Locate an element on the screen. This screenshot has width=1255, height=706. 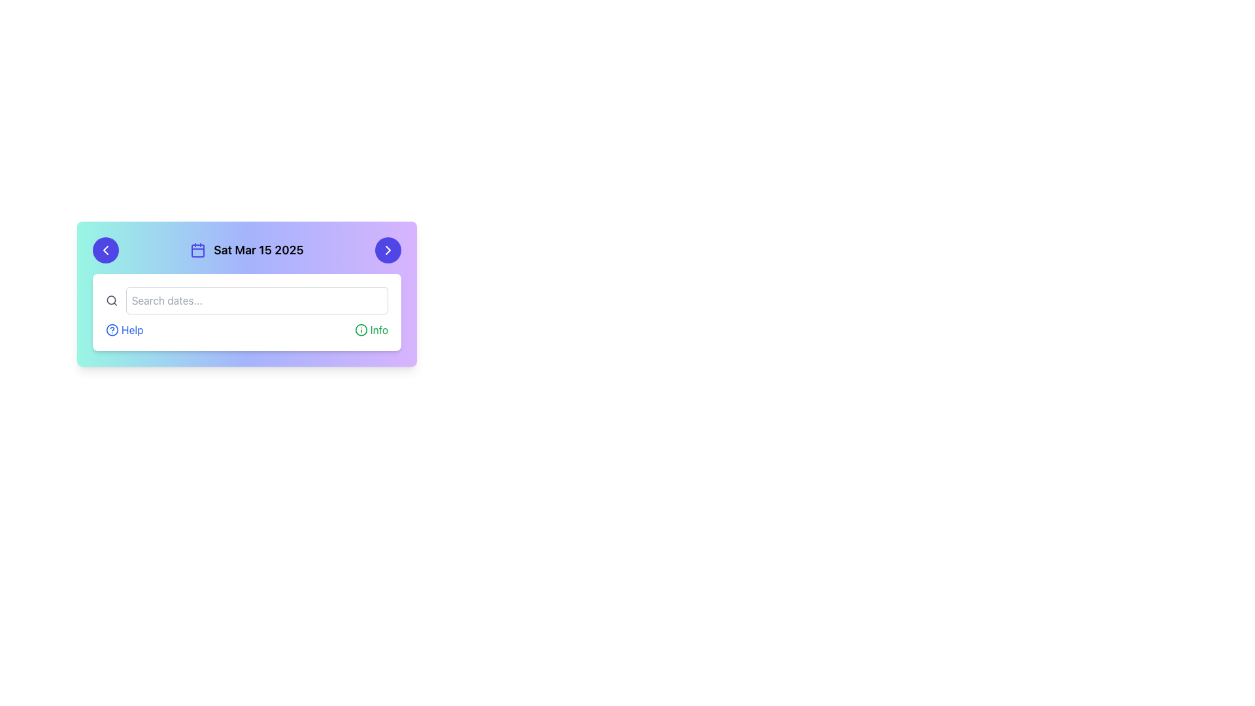
the right-pointing arrow icon located in the top-right circular button of the card interface is located at coordinates (388, 250).